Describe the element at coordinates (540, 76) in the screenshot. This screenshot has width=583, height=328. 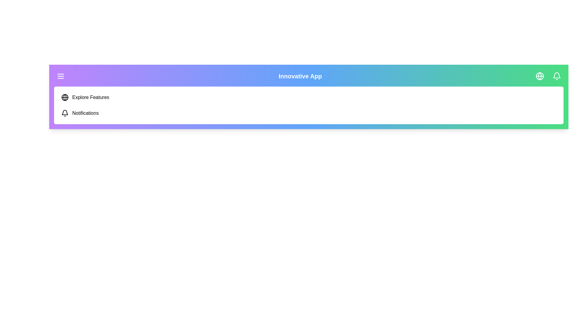
I see `the globe_icon to observe its hover effect` at that location.